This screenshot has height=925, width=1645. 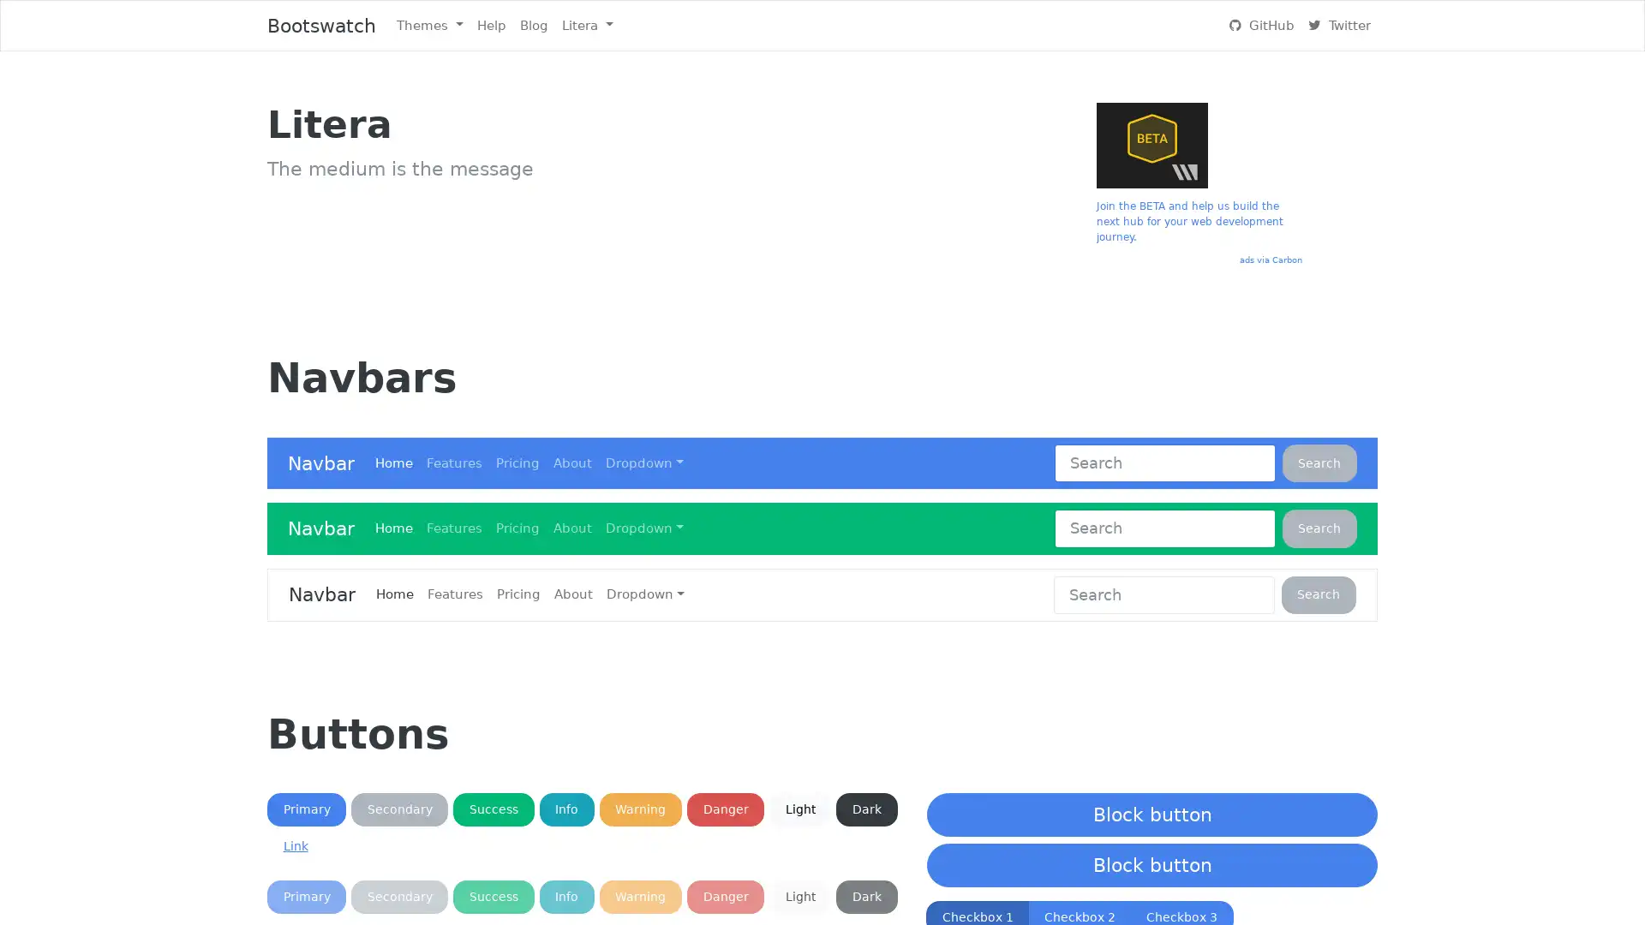 I want to click on Secondary, so click(x=398, y=809).